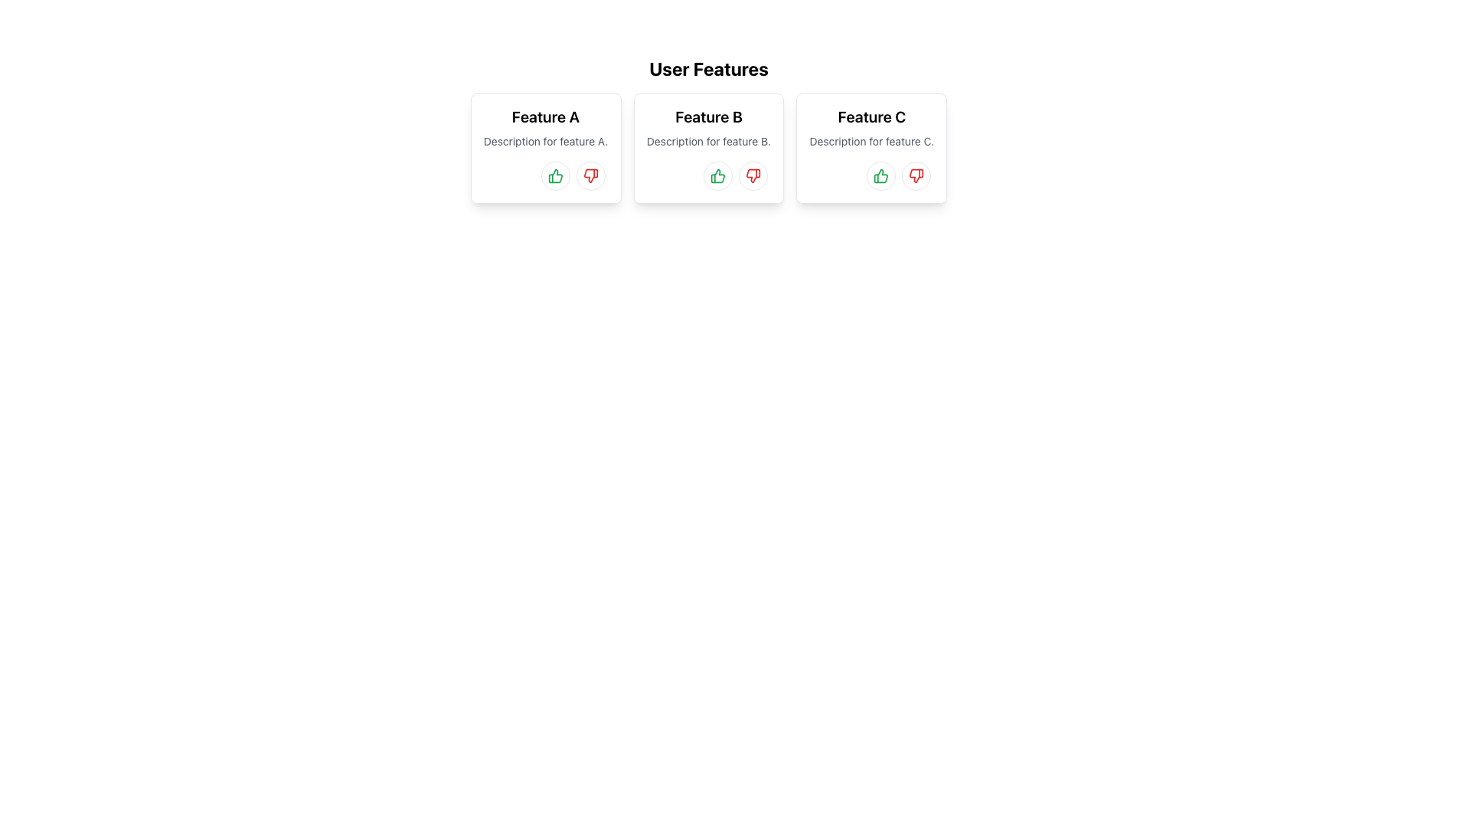 This screenshot has height=827, width=1470. What do you see at coordinates (916, 175) in the screenshot?
I see `the red thumbs-down icon located inside the rounded button in the rightmost card labeled 'Feature C'` at bounding box center [916, 175].